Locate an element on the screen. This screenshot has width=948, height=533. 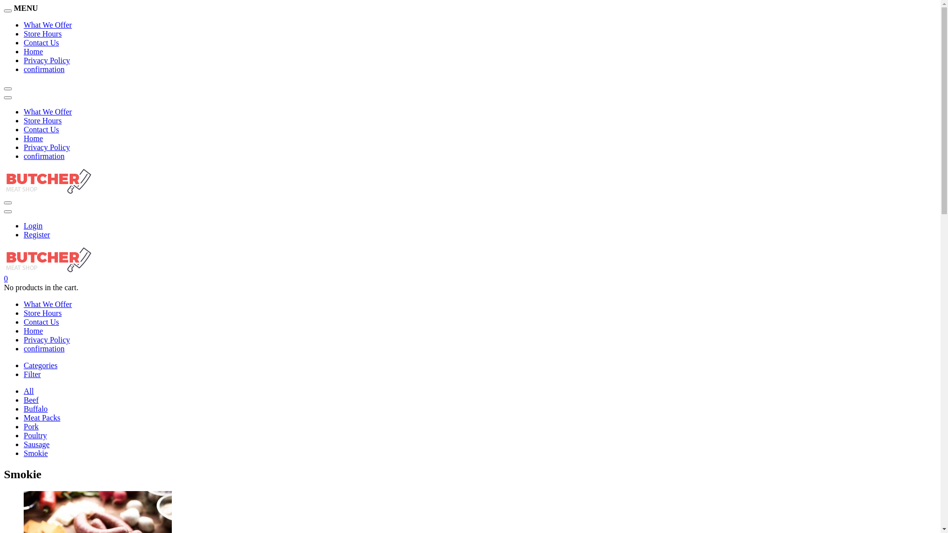
'Sausage' is located at coordinates (36, 444).